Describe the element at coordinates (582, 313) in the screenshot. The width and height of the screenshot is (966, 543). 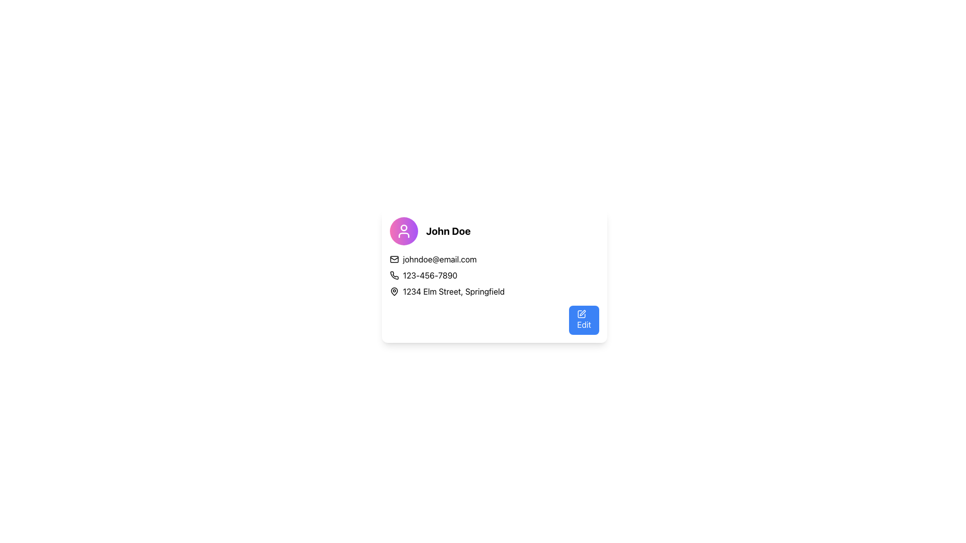
I see `the pencil icon on the blue 'Edit' button located at the bottom-right corner of the user information card` at that location.